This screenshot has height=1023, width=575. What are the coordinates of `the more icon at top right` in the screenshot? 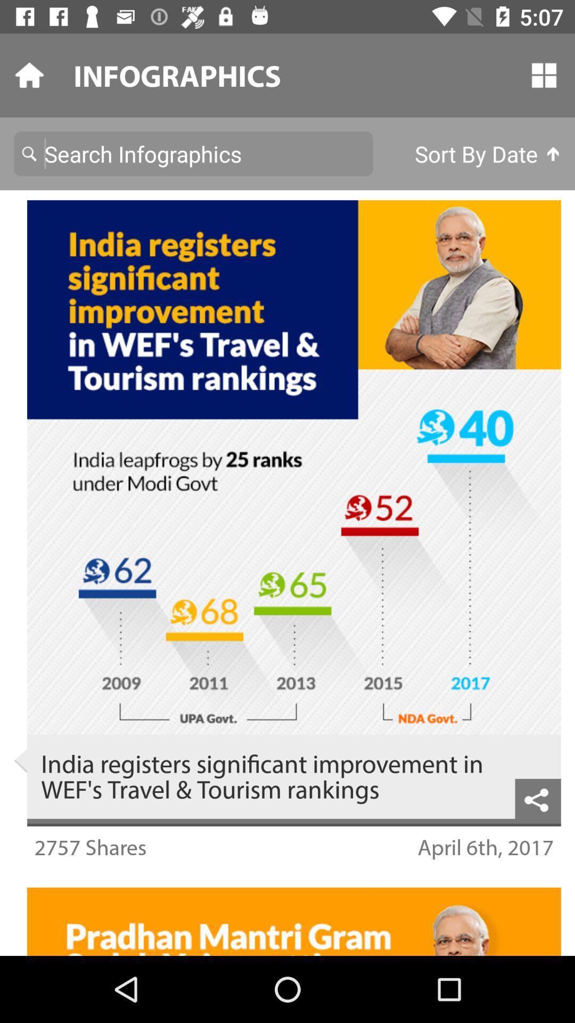 It's located at (544, 75).